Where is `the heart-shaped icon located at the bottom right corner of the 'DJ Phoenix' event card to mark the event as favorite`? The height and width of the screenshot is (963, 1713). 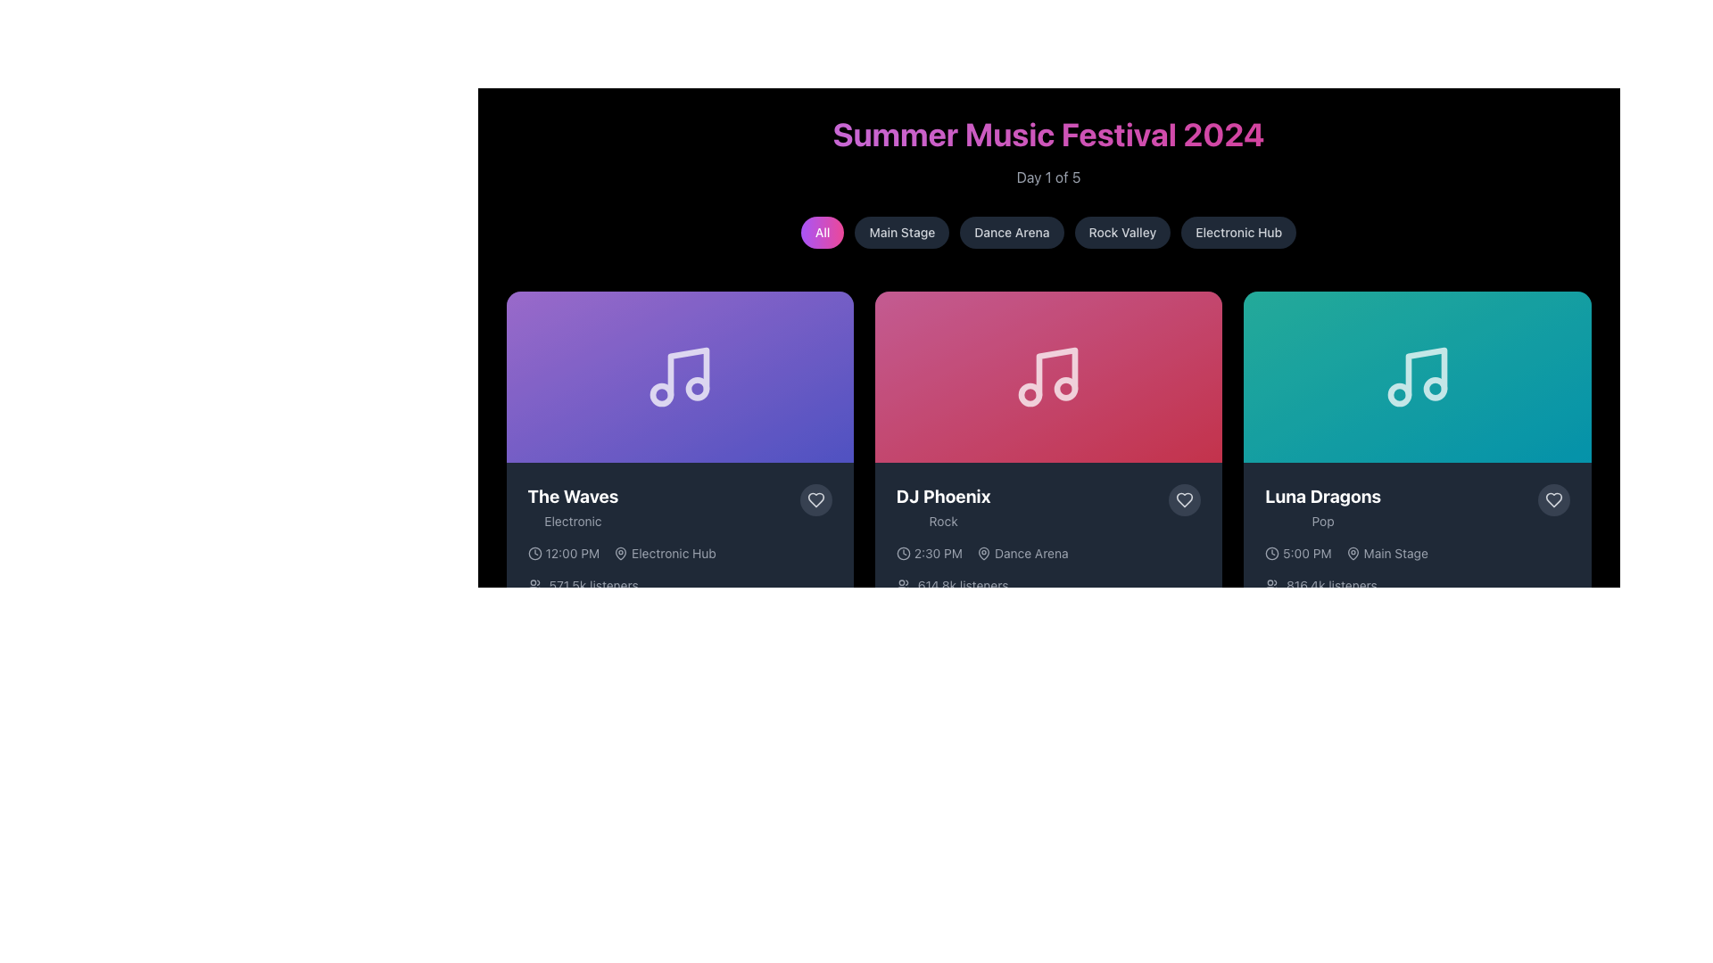 the heart-shaped icon located at the bottom right corner of the 'DJ Phoenix' event card to mark the event as favorite is located at coordinates (1185, 499).